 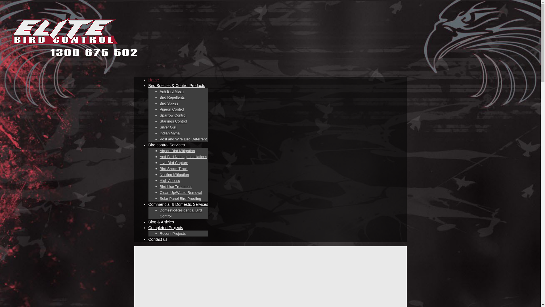 What do you see at coordinates (177, 151) in the screenshot?
I see `'Airport Bird Mitigation'` at bounding box center [177, 151].